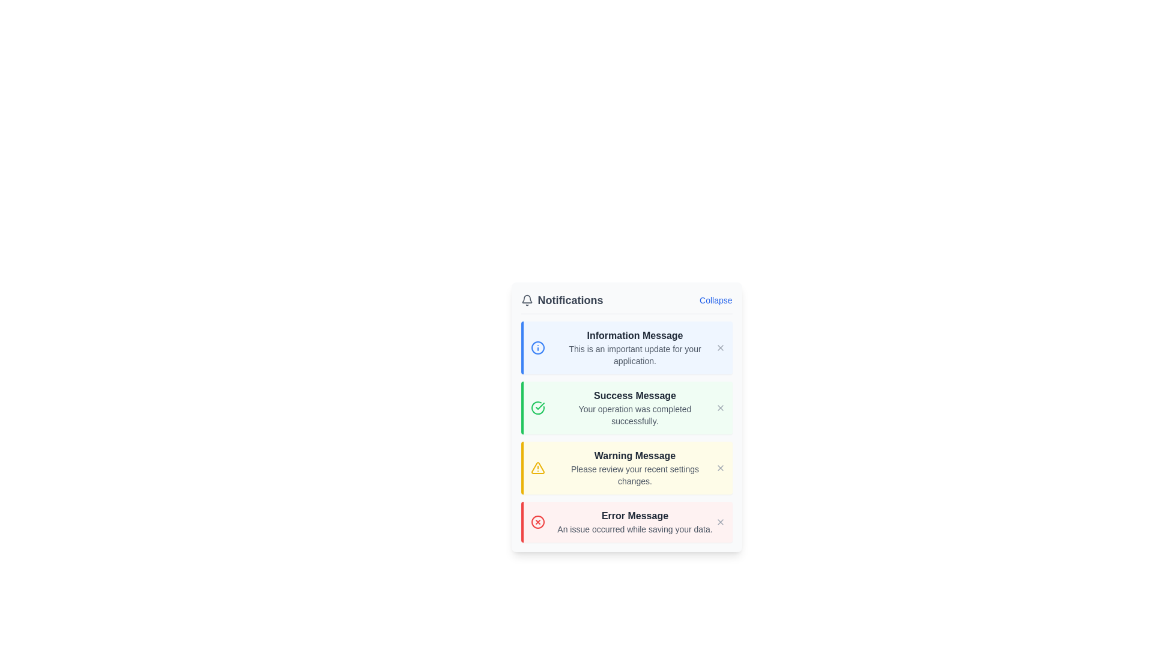 The height and width of the screenshot is (649, 1153). Describe the element at coordinates (537, 347) in the screenshot. I see `the circular shape icon representing the information message notification located in the first row of notification messages` at that location.